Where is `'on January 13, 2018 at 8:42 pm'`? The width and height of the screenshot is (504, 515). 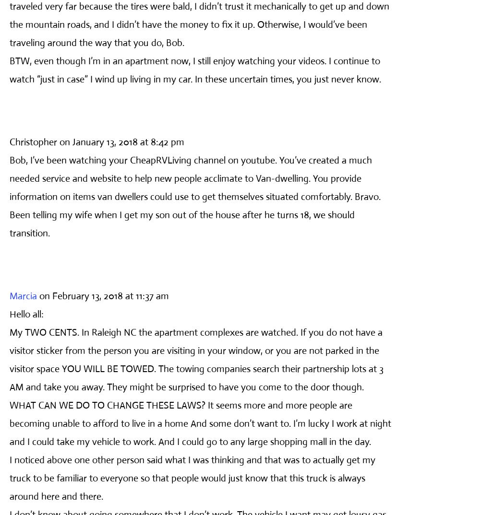 'on January 13, 2018 at 8:42 pm' is located at coordinates (121, 141).